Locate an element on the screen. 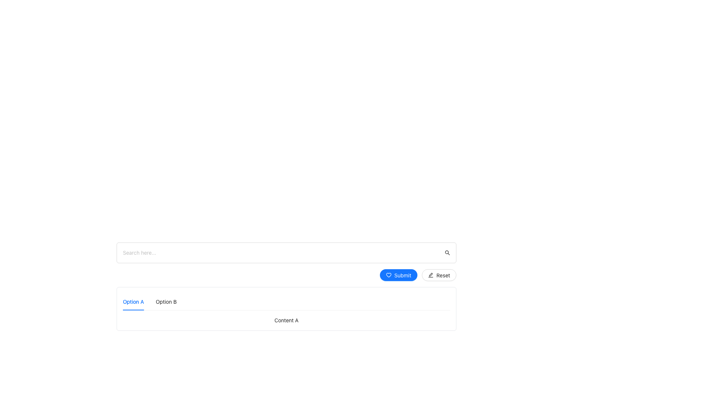 The height and width of the screenshot is (401, 713). the blue heart-shaped icon with white internal detailing is located at coordinates (388, 275).